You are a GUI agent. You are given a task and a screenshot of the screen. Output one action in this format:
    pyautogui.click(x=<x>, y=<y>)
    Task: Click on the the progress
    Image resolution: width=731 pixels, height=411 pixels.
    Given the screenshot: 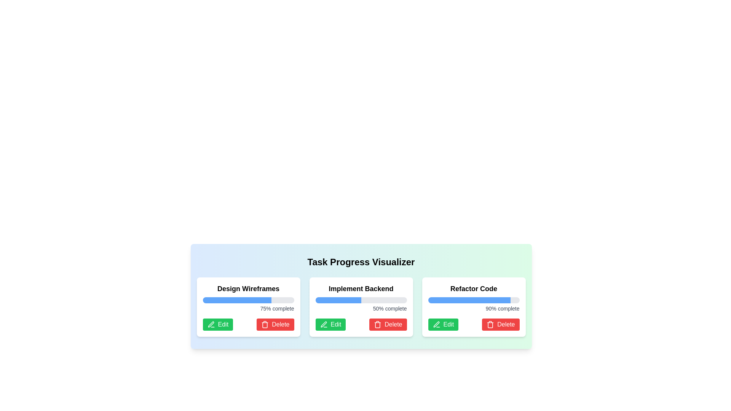 What is the action you would take?
    pyautogui.click(x=465, y=300)
    